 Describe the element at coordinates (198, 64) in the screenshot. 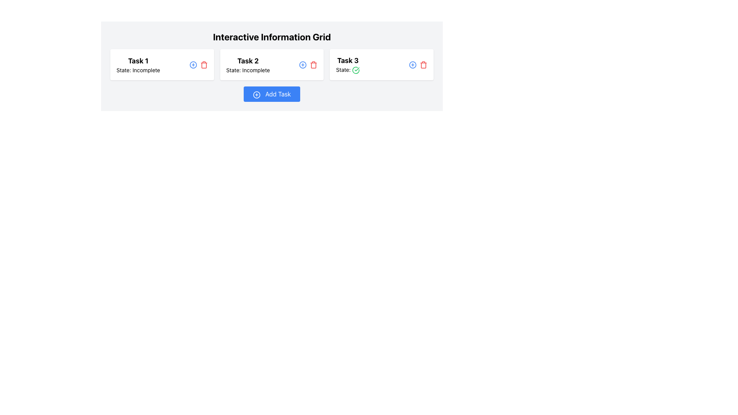

I see `the blue circle with a plus sign icon within the 'Task 1' panel` at that location.